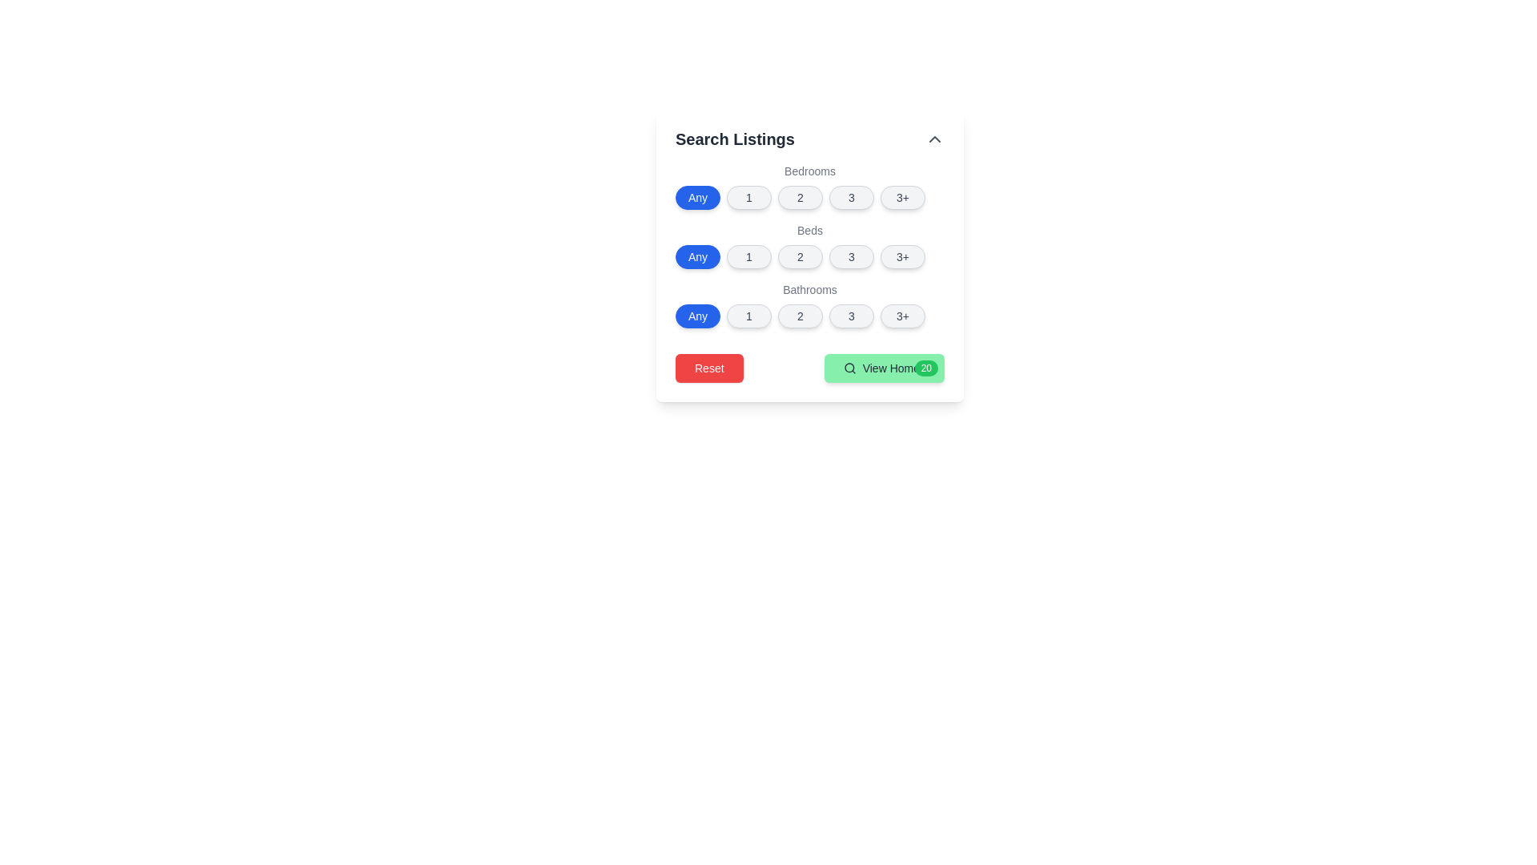 This screenshot has width=1537, height=865. Describe the element at coordinates (748, 255) in the screenshot. I see `the small rectangular button containing the number '1'` at that location.